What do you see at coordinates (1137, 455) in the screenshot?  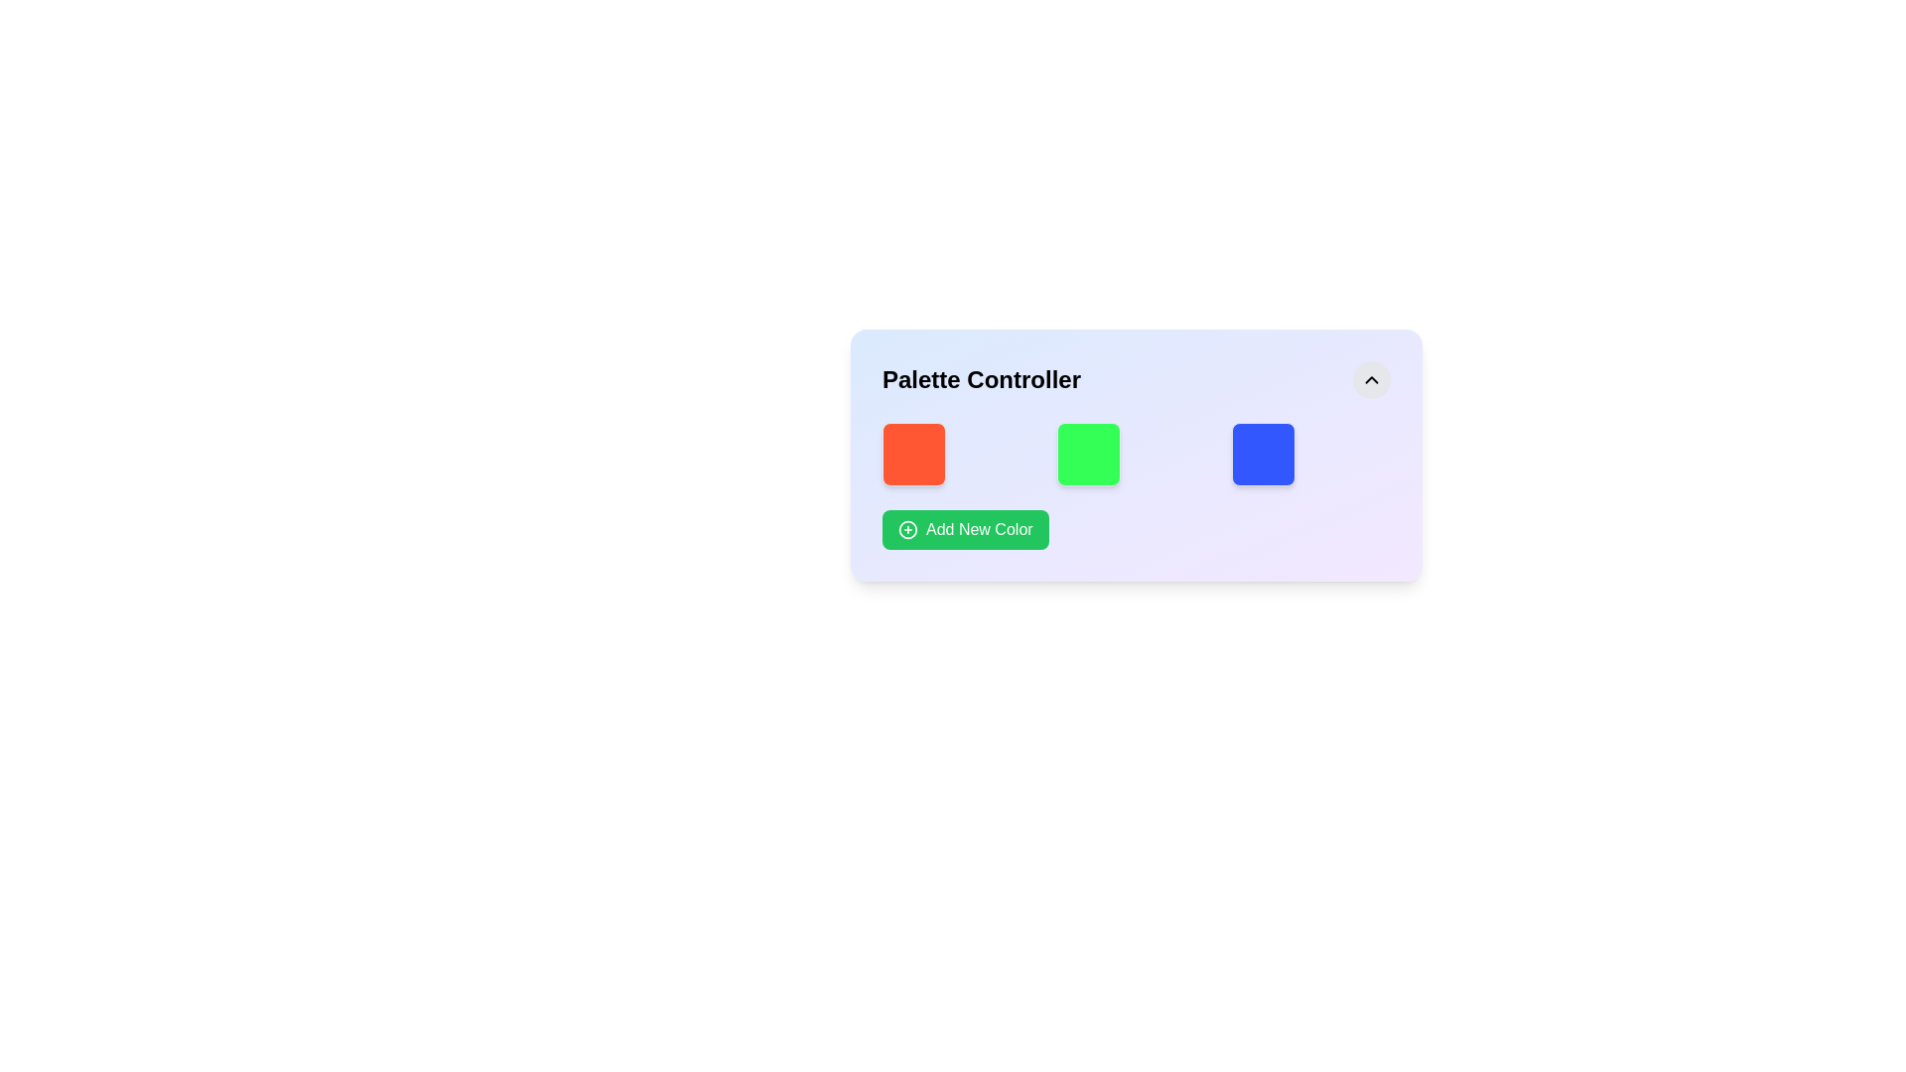 I see `a color block from the grid component located within the 'Palette Controller' section, positioned below the title and above the 'Add New Color' button` at bounding box center [1137, 455].